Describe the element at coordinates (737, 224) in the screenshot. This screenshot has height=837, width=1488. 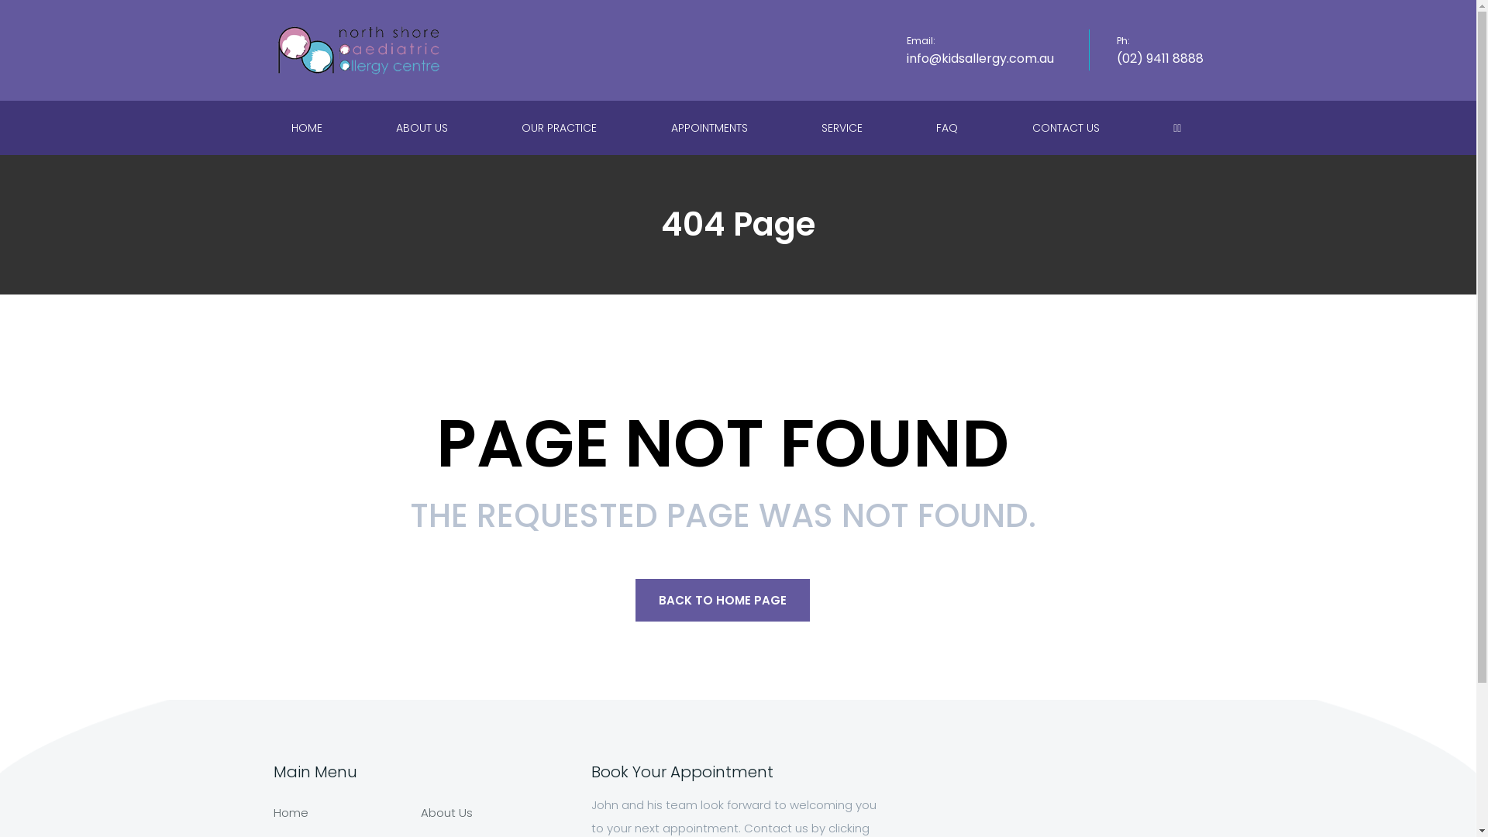
I see `'404 Page'` at that location.